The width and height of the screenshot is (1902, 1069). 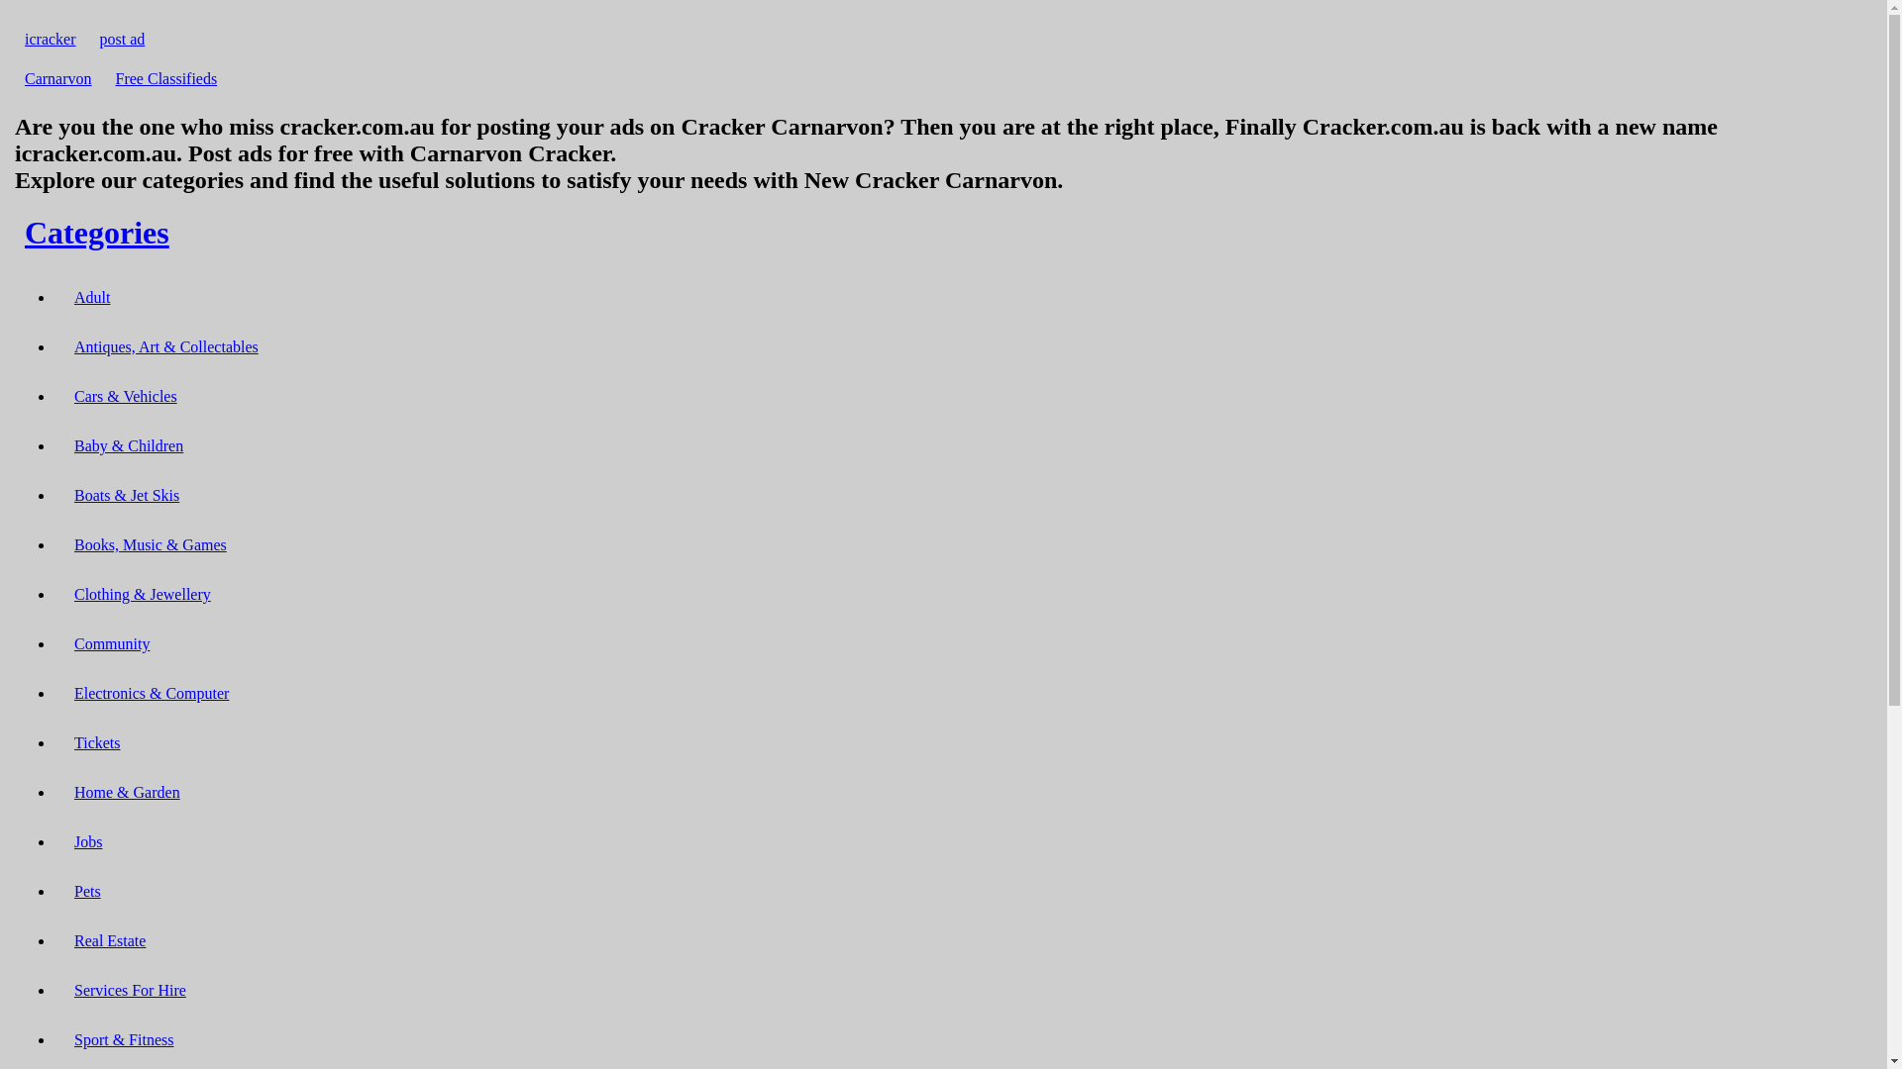 What do you see at coordinates (127, 445) in the screenshot?
I see `'Baby & Children'` at bounding box center [127, 445].